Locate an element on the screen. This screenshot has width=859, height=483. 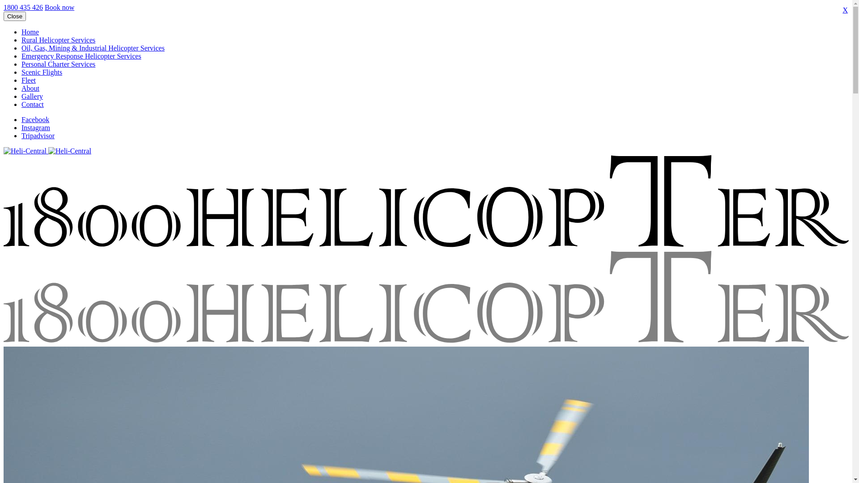
'Instagram' is located at coordinates (21, 127).